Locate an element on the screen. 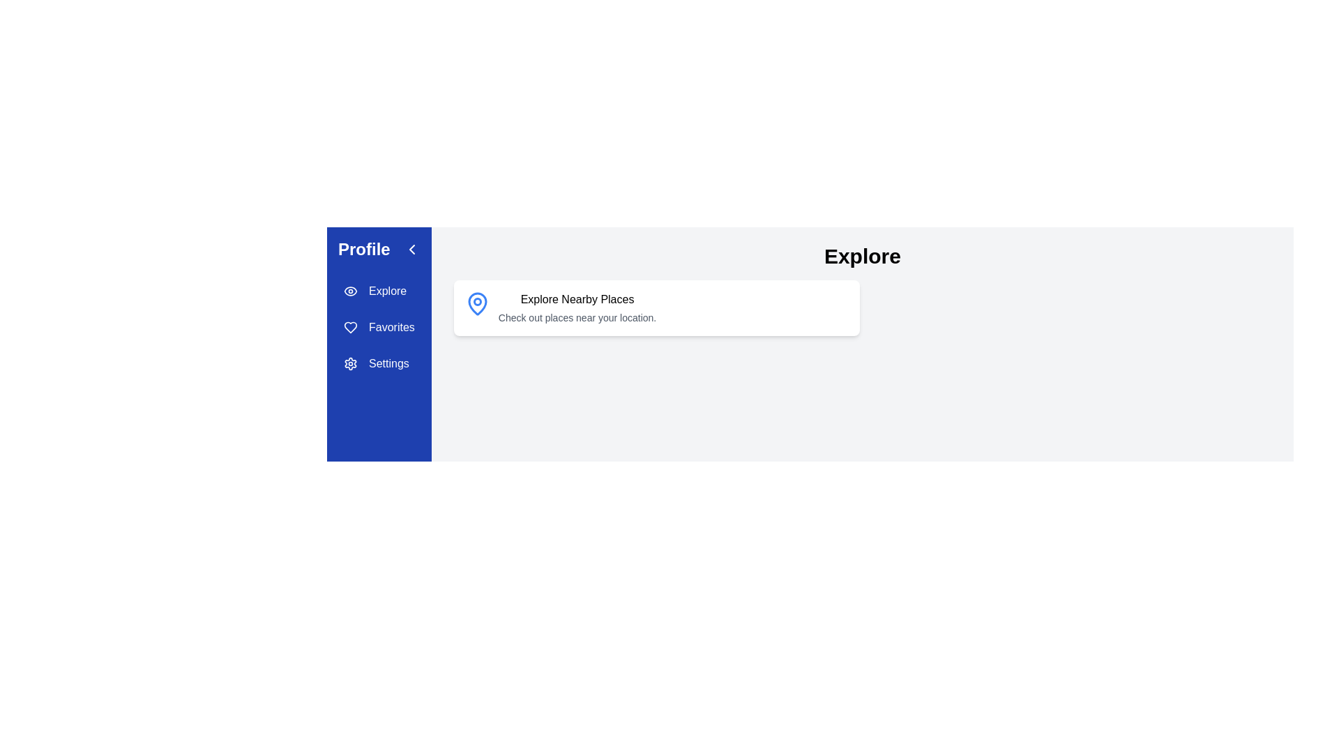 This screenshot has height=753, width=1339. the Text Label that serves as a navigation label for the settings page, located below the 'Favorites' heart icon in the sidebar is located at coordinates (388, 363).